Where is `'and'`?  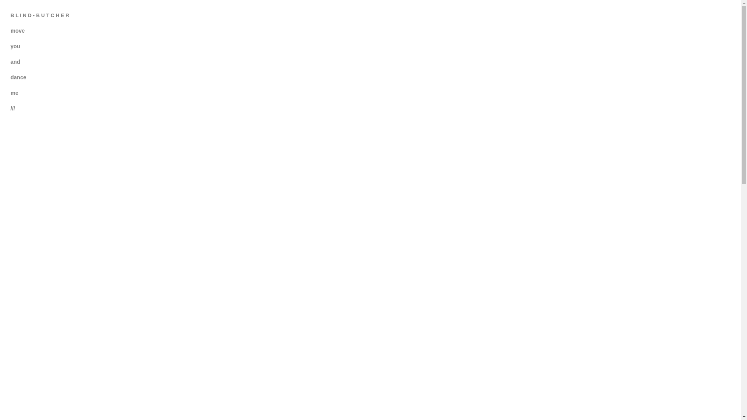
'and' is located at coordinates (15, 61).